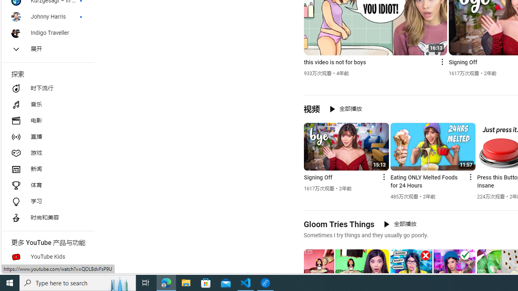  I want to click on 'Indigo Traveller', so click(47, 33).